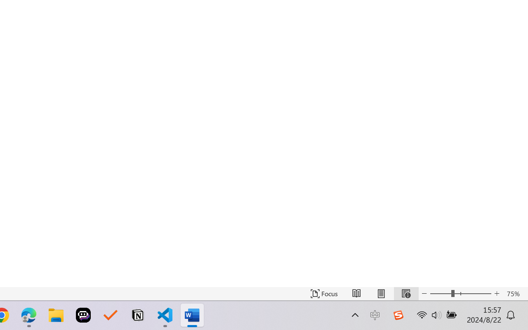  I want to click on 'Zoom In', so click(497, 293).